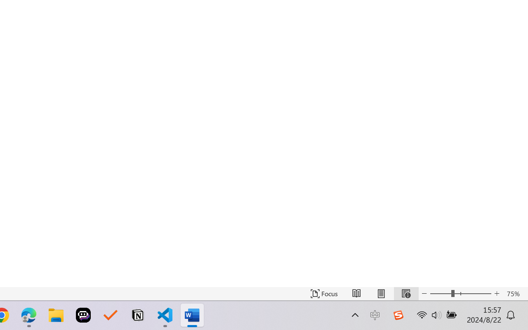  I want to click on 'Zoom In', so click(497, 293).